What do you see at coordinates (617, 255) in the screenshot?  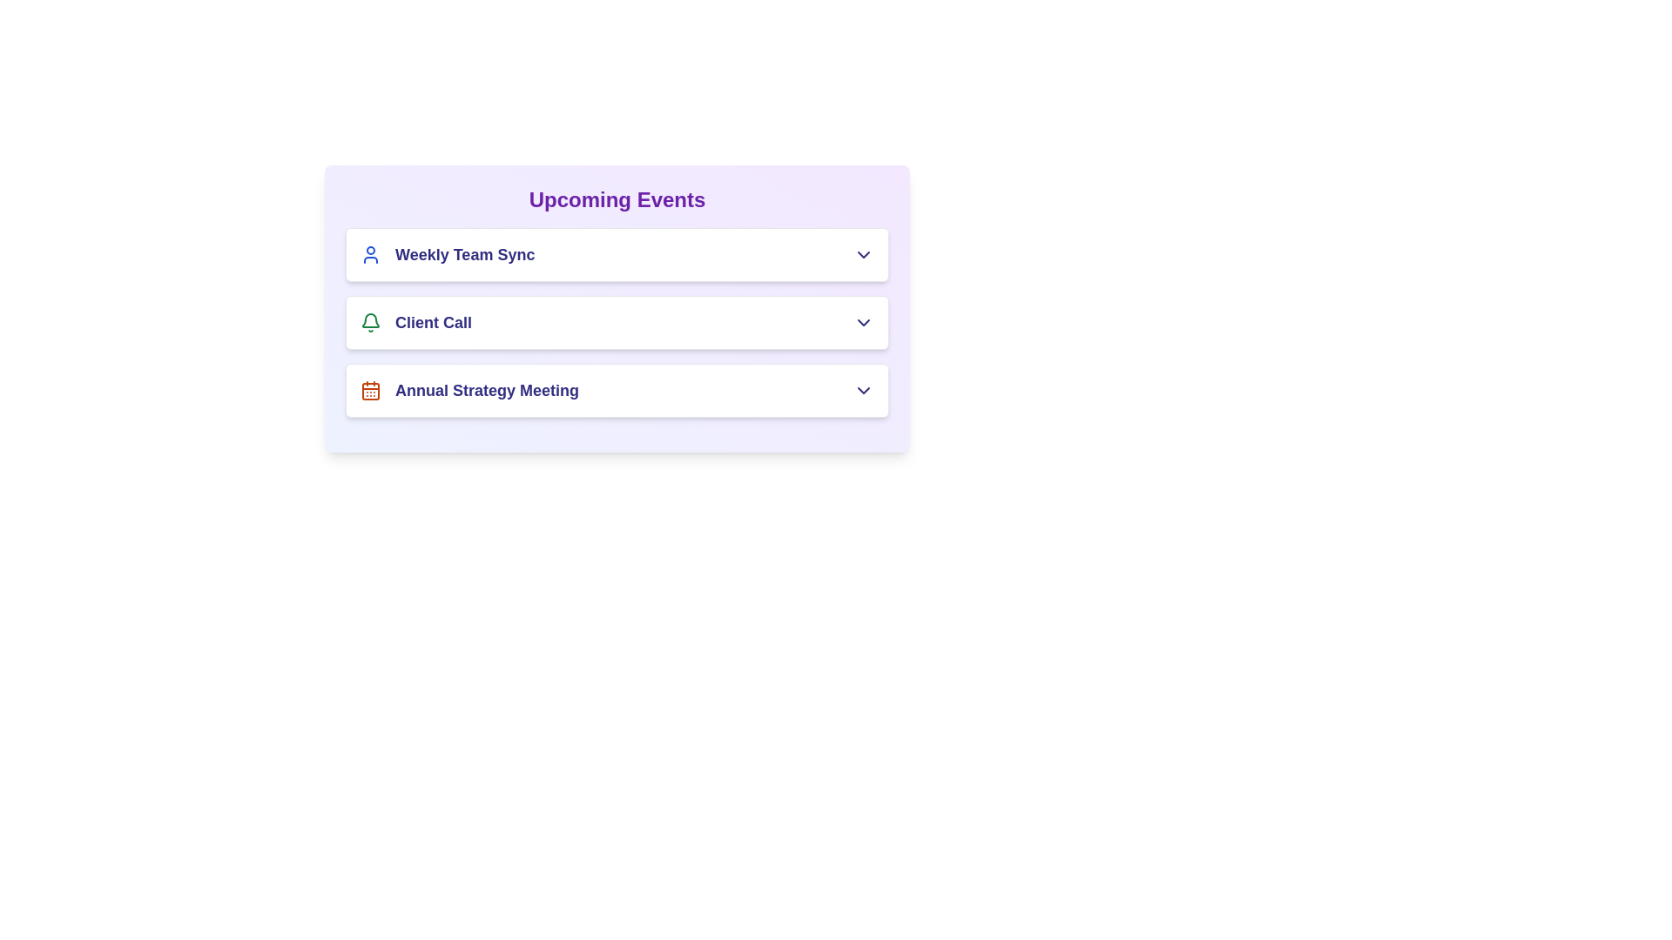 I see `the interactive button for 'Weekly Team Sync'` at bounding box center [617, 255].